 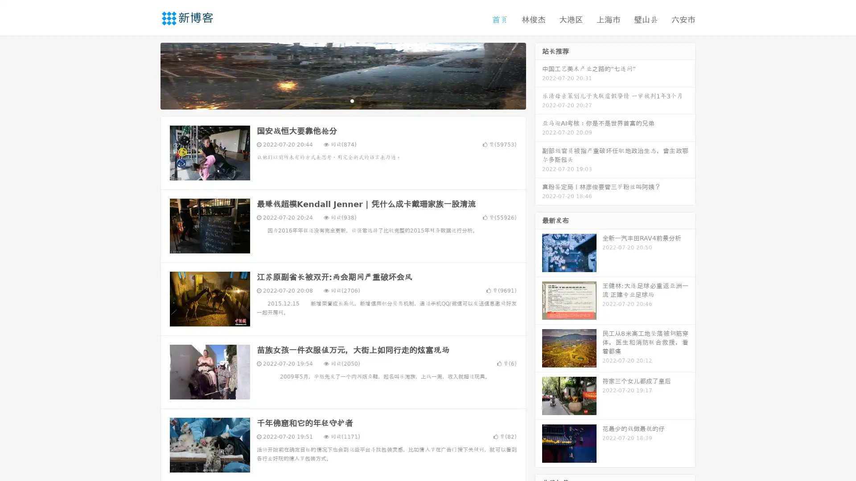 I want to click on Next slide, so click(x=539, y=75).